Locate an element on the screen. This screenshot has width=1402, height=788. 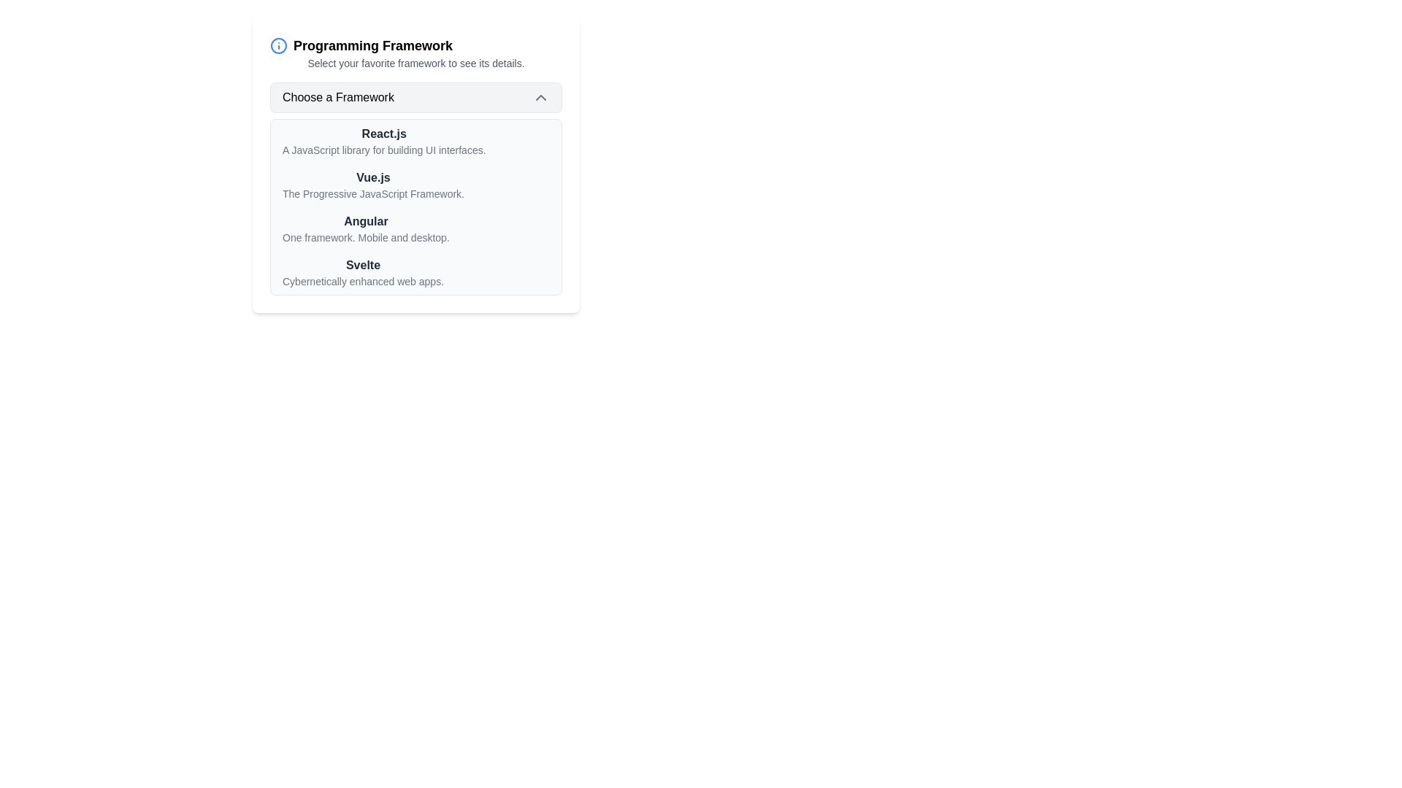
the bold text label displaying 'Svelte', which is the last item in the list of programming frameworks, positioned above the descriptive text 'Cybernetically enhanced web apps.' and below 'Angular' is located at coordinates (363, 265).